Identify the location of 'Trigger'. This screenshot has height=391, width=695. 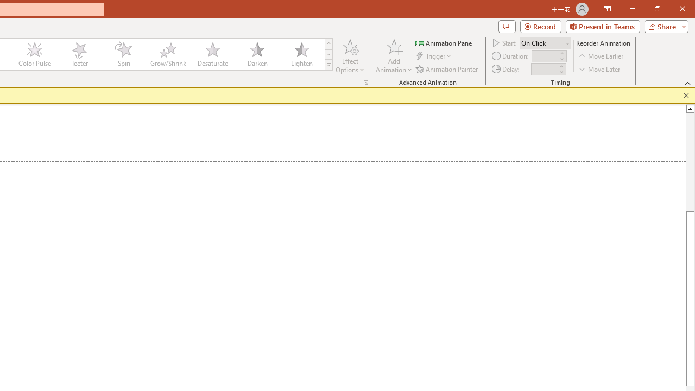
(434, 56).